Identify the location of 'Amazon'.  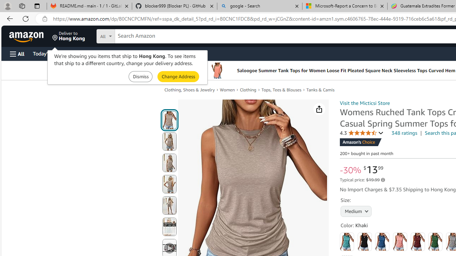
(27, 36).